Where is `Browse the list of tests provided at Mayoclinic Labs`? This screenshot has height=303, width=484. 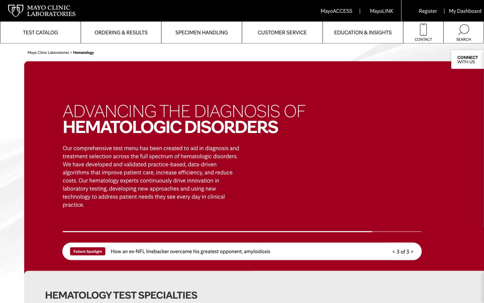 Browse the list of tests provided at Mayoclinic Labs is located at coordinates (40, 32).